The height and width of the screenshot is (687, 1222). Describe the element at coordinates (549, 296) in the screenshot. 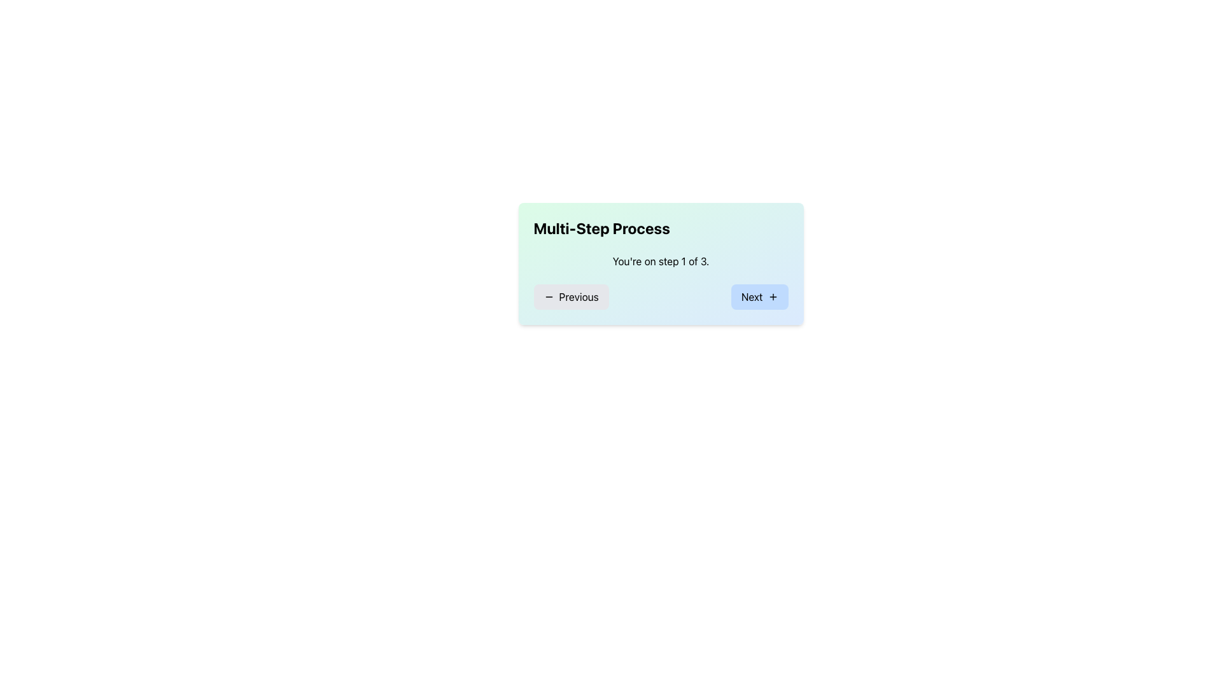

I see `the decorative icon representing the 'Previous' action, located to the immediate left of the text 'Previous' within the button` at that location.